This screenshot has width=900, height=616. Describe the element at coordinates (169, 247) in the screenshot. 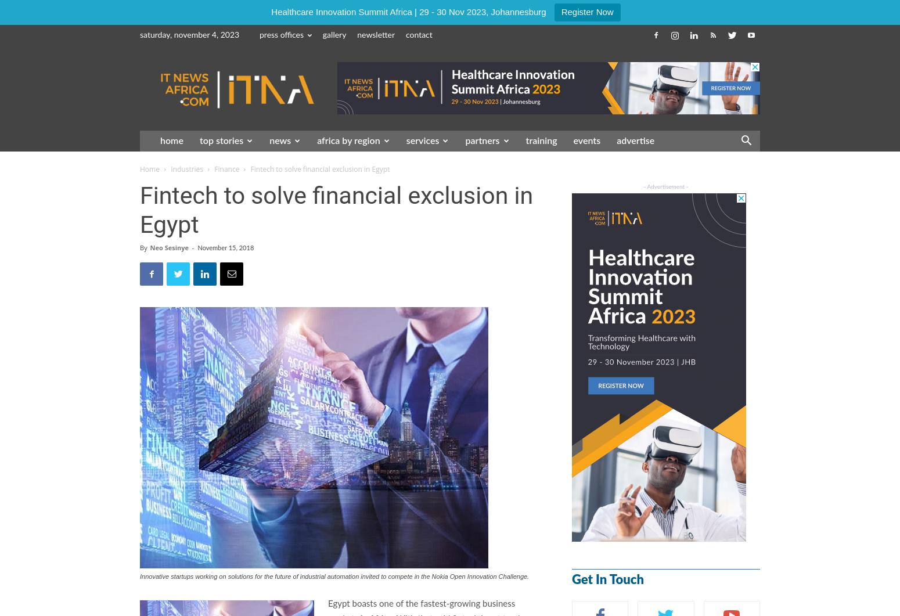

I see `'Neo Sesinye'` at that location.